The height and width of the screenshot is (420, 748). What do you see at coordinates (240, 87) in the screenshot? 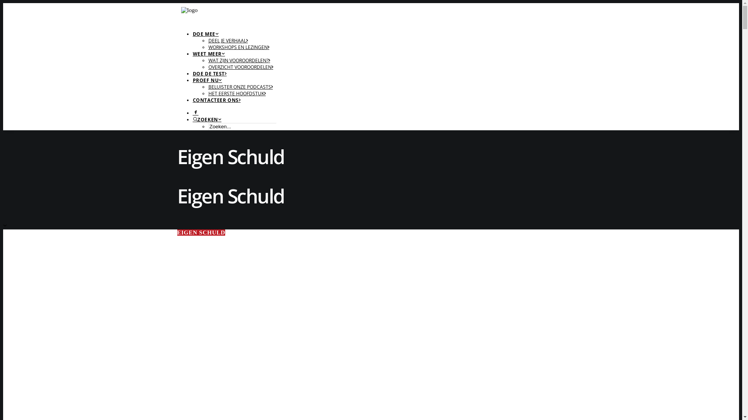
I see `'BELUISTER ONZE PODCASTS'` at bounding box center [240, 87].